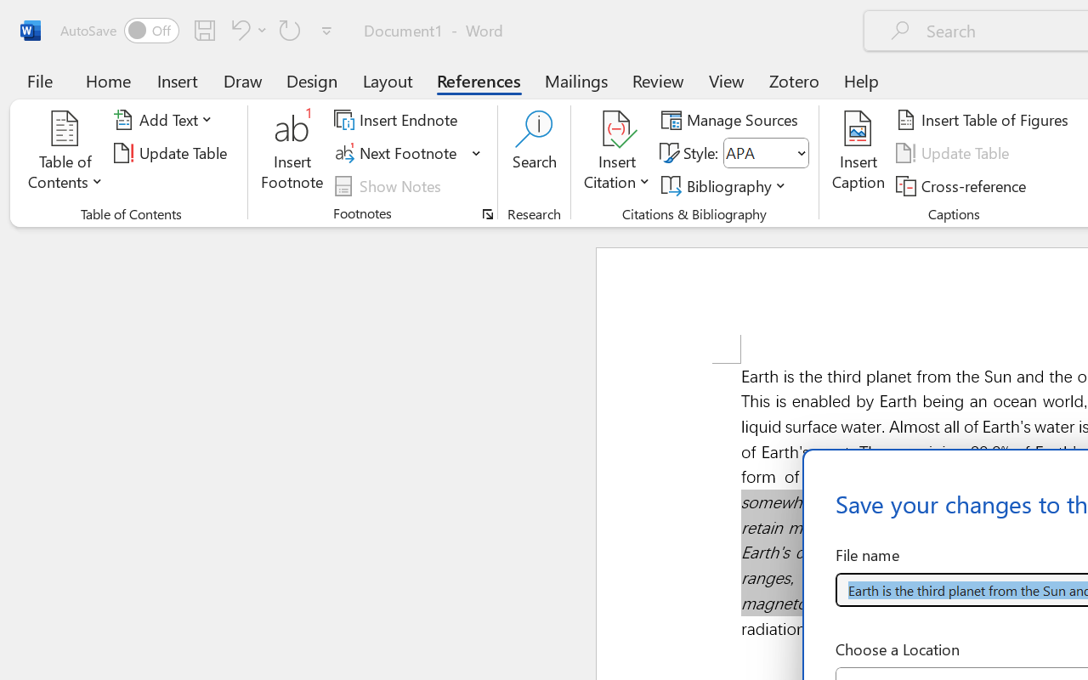  What do you see at coordinates (292, 152) in the screenshot?
I see `'Insert Footnote'` at bounding box center [292, 152].